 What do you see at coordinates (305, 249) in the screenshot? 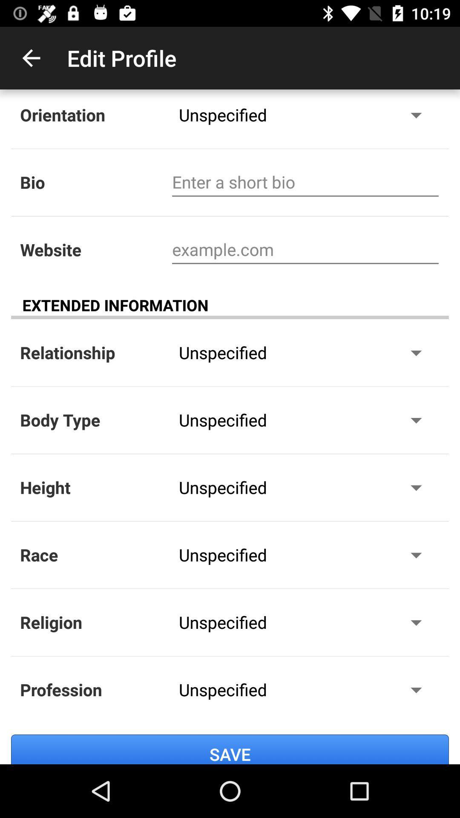
I see `website` at bounding box center [305, 249].